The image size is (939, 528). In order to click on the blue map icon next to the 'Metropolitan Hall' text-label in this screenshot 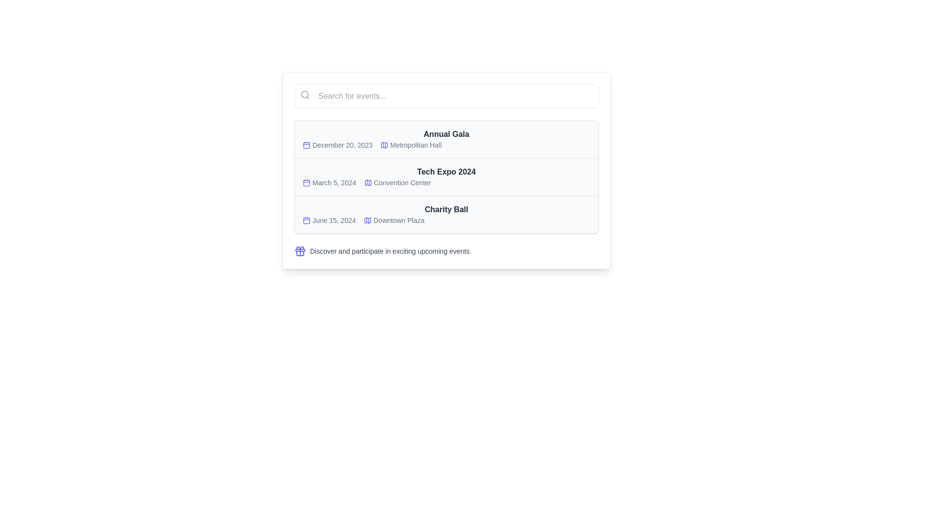, I will do `click(411, 145)`.